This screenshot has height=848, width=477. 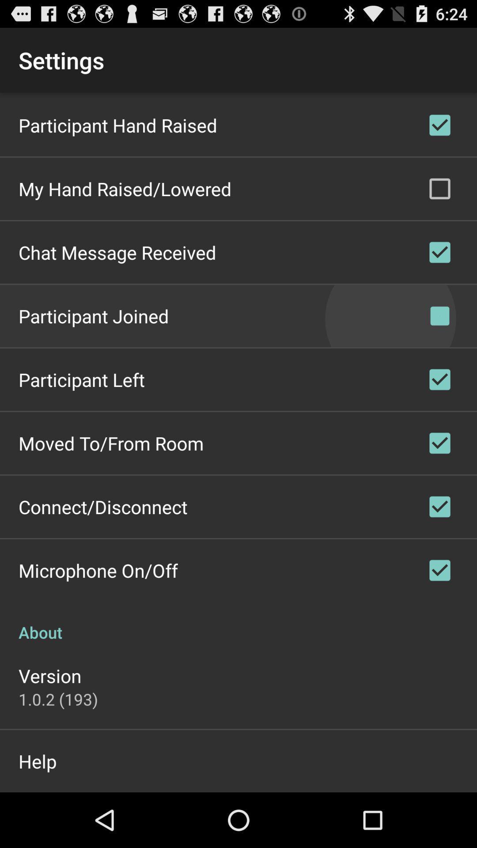 What do you see at coordinates (50, 675) in the screenshot?
I see `app below about icon` at bounding box center [50, 675].